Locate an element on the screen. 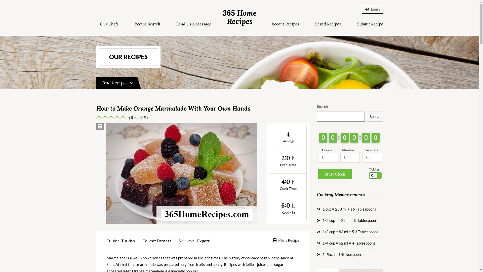 The height and width of the screenshot is (272, 483). 'Recipe Search' is located at coordinates (147, 24).